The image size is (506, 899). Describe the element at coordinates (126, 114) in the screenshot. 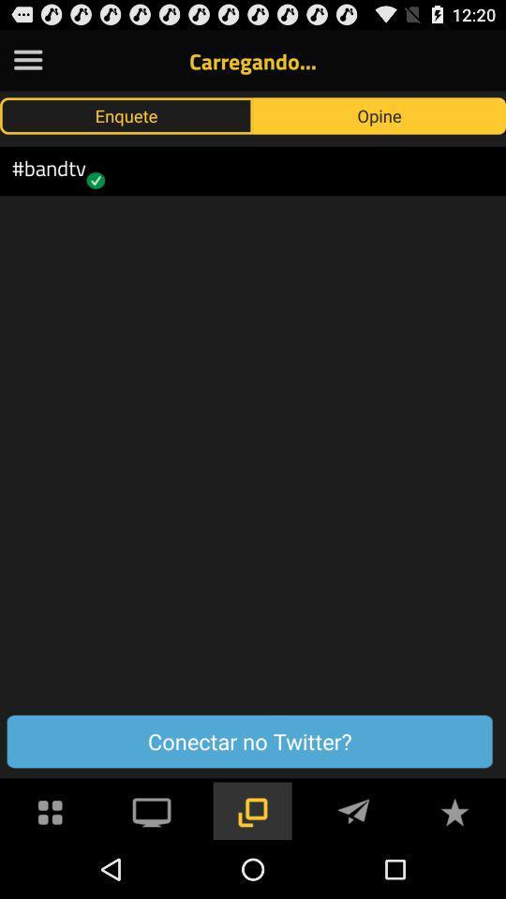

I see `button next to opine icon` at that location.